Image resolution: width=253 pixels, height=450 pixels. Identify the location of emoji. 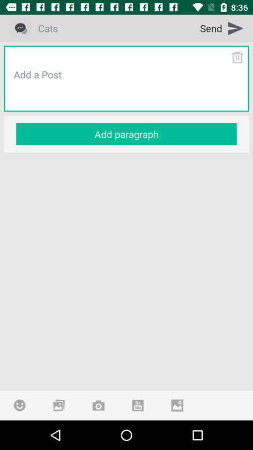
(20, 405).